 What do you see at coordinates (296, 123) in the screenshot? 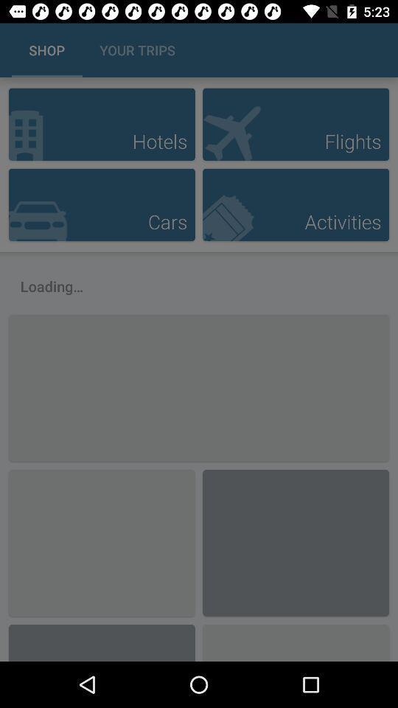
I see `search for flights` at bounding box center [296, 123].